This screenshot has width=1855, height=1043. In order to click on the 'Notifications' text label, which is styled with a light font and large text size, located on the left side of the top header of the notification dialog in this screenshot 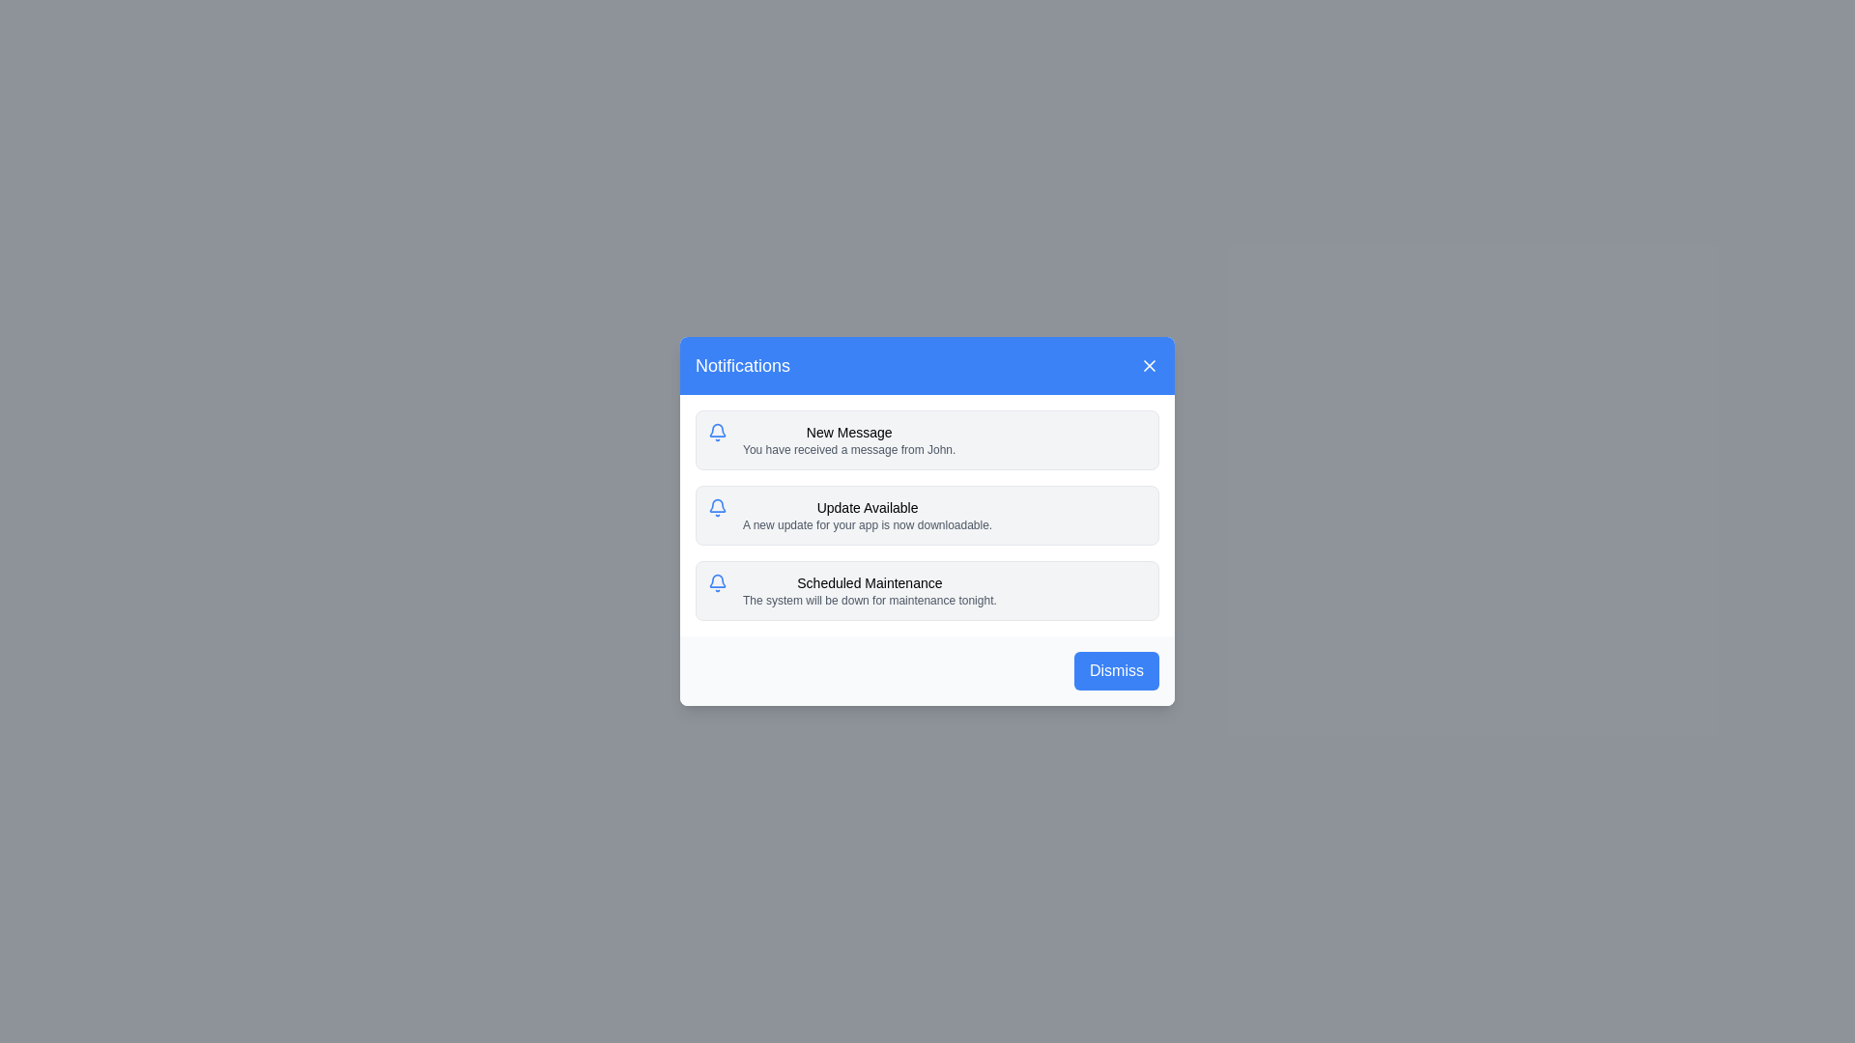, I will do `click(741, 365)`.